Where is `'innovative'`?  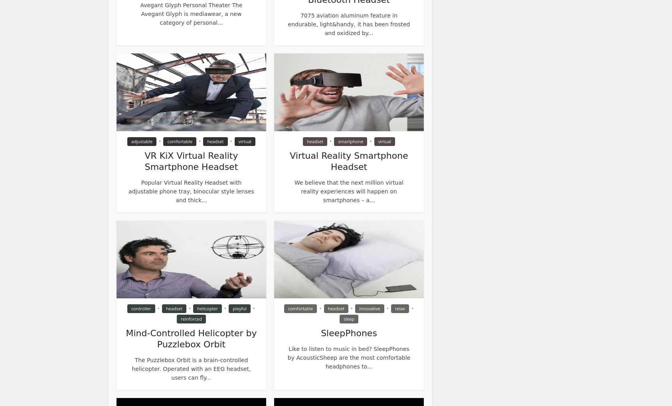
'innovative' is located at coordinates (369, 308).